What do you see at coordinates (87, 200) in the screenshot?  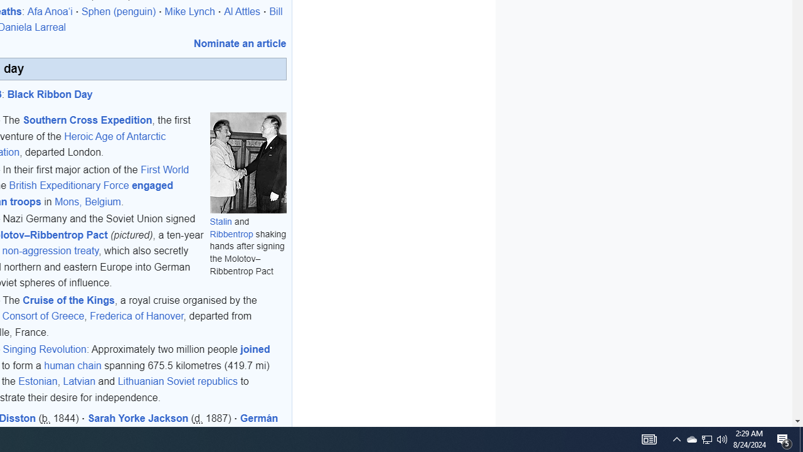 I see `'Mons, Belgium'` at bounding box center [87, 200].